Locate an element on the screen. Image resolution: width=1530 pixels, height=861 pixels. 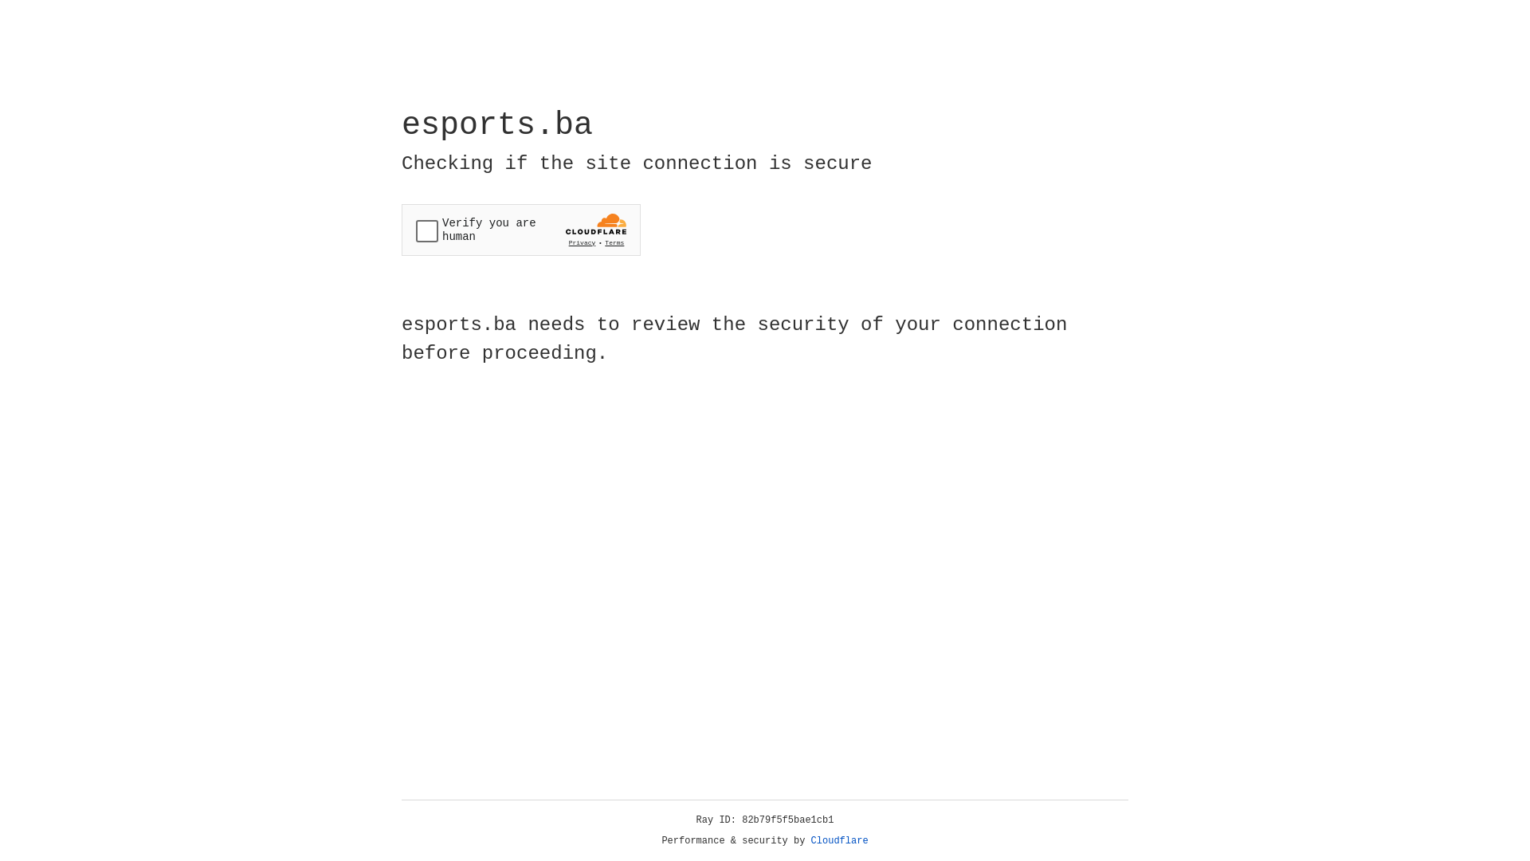
'Widget containing a Cloudflare security challenge' is located at coordinates (520, 230).